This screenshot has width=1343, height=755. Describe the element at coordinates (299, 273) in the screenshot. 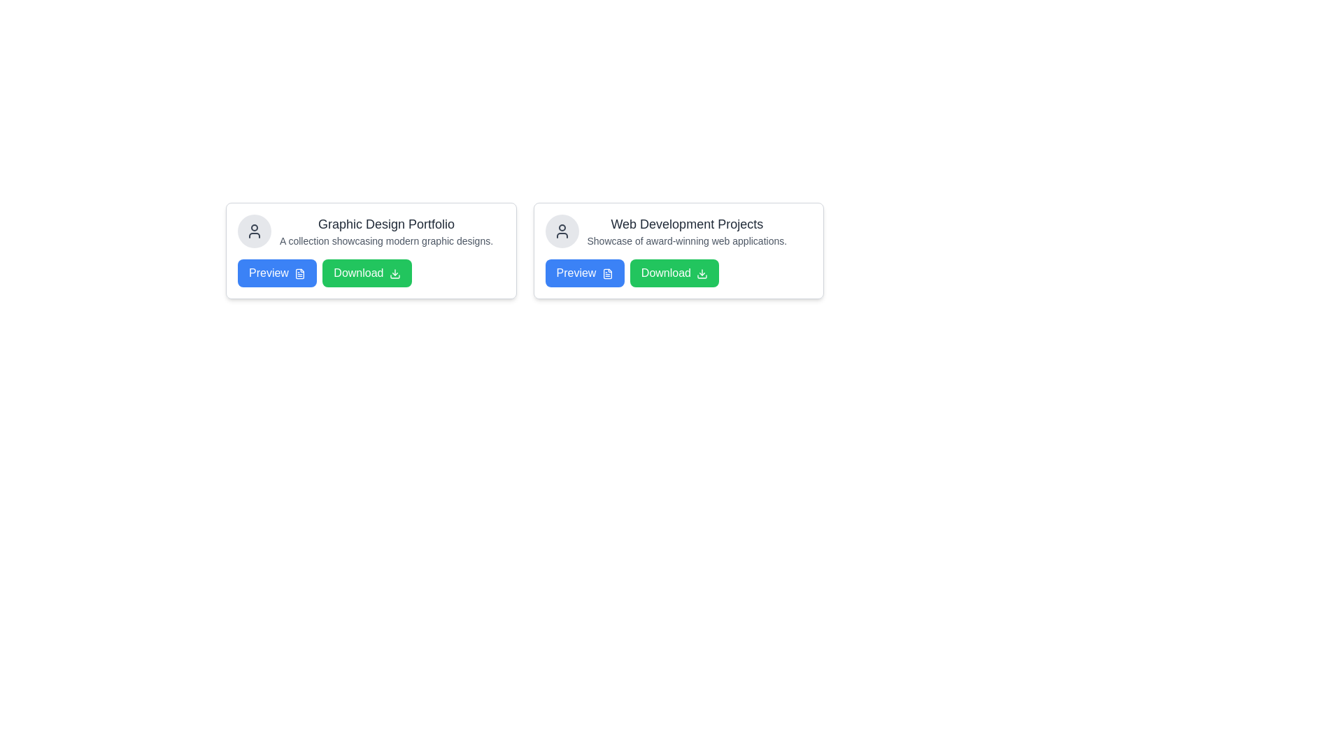

I see `the preview icon located to the immediate right of the text within the blue 'Preview' button` at that location.